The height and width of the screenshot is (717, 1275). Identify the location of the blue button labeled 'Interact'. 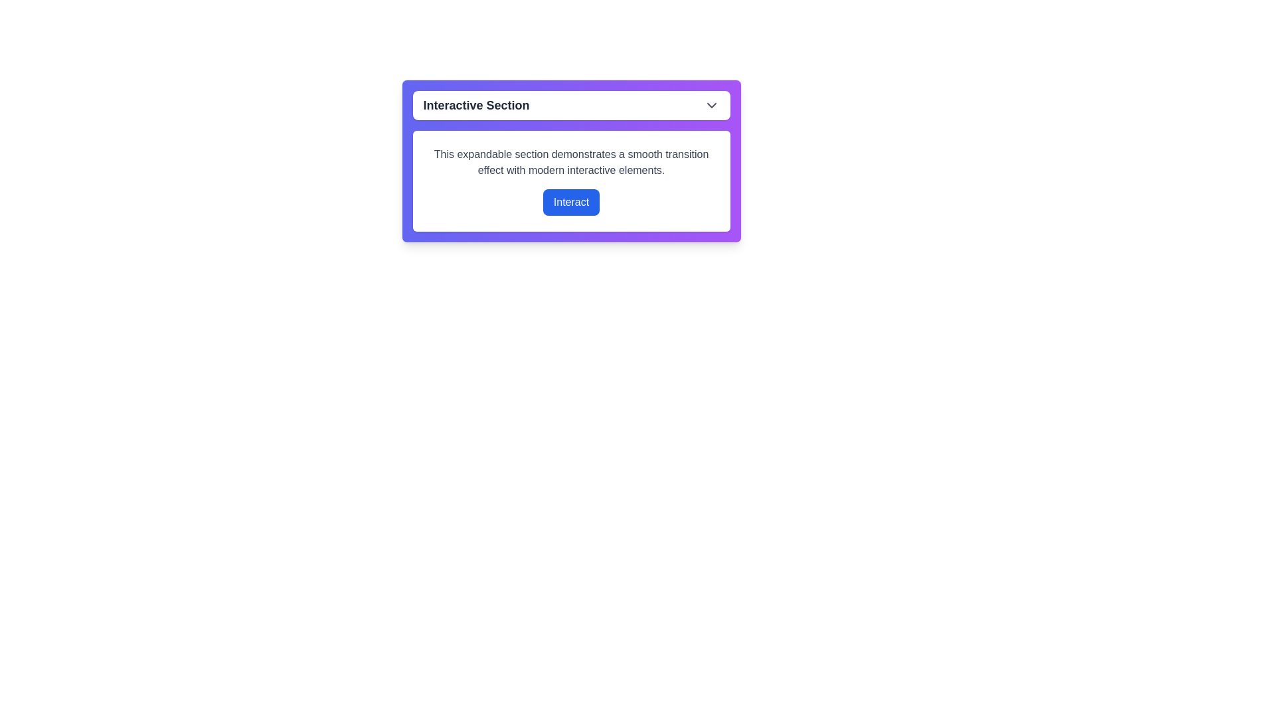
(571, 202).